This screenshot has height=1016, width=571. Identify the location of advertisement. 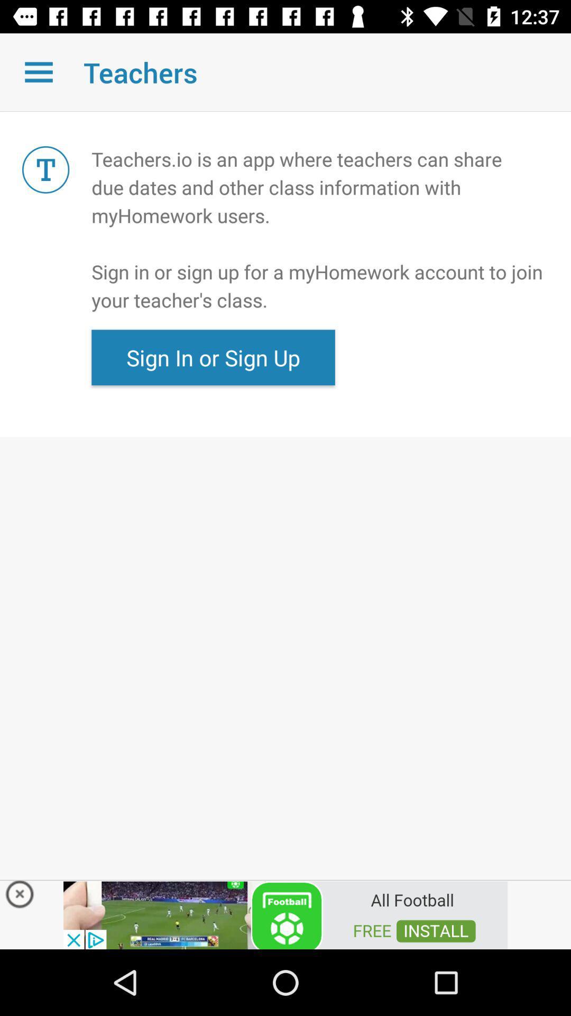
(285, 914).